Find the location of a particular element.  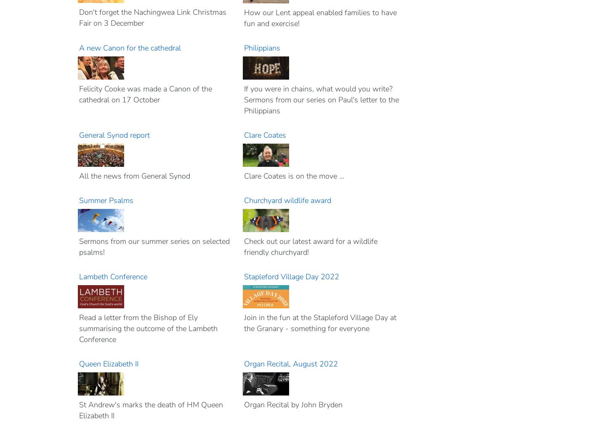

'All the news from General Synod' is located at coordinates (134, 176).